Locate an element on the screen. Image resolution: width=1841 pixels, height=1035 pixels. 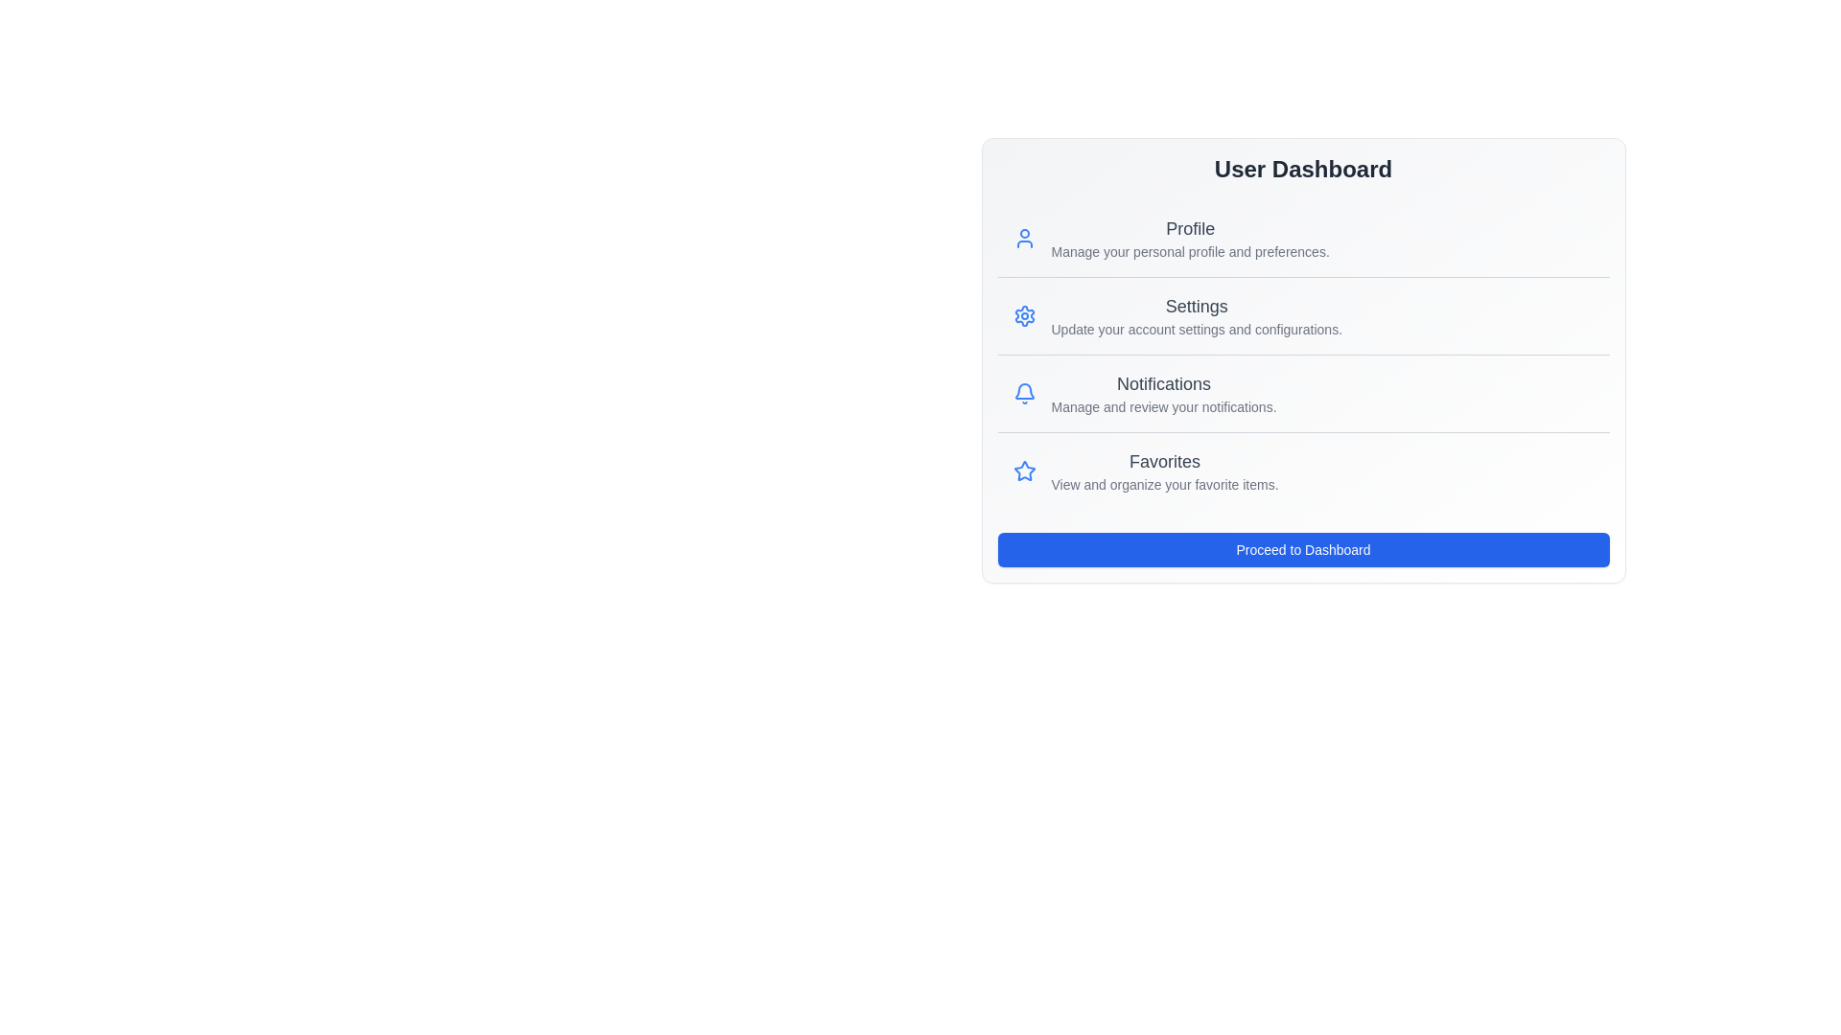
the blue gear-shaped icon next to the gray 'Settings' text is located at coordinates (1023, 315).